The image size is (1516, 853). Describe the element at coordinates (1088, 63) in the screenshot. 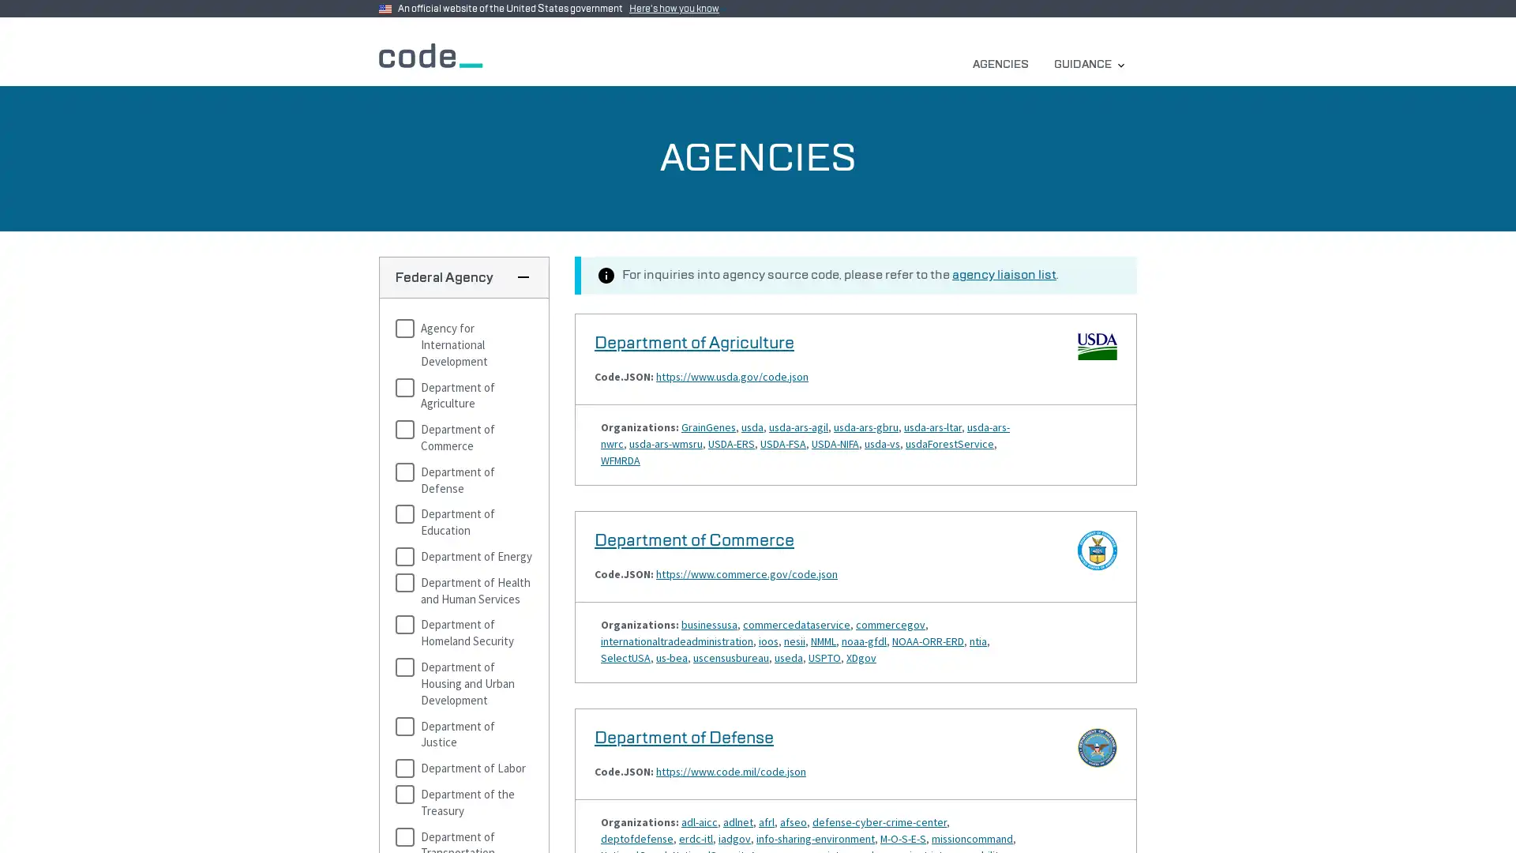

I see `GUIDANCE` at that location.